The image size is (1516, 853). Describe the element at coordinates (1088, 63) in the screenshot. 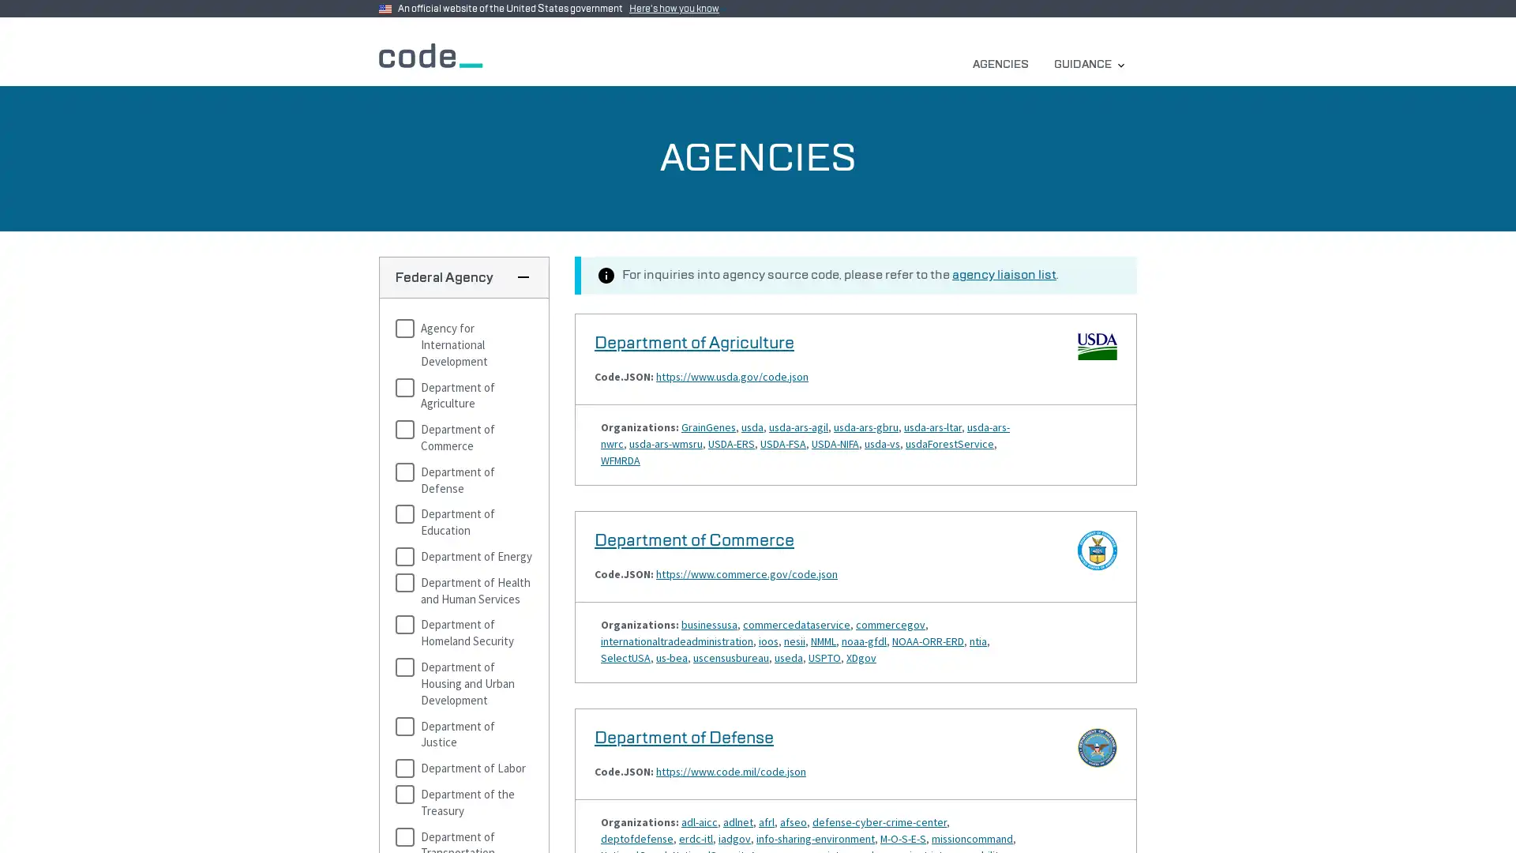

I see `GUIDANCE` at that location.